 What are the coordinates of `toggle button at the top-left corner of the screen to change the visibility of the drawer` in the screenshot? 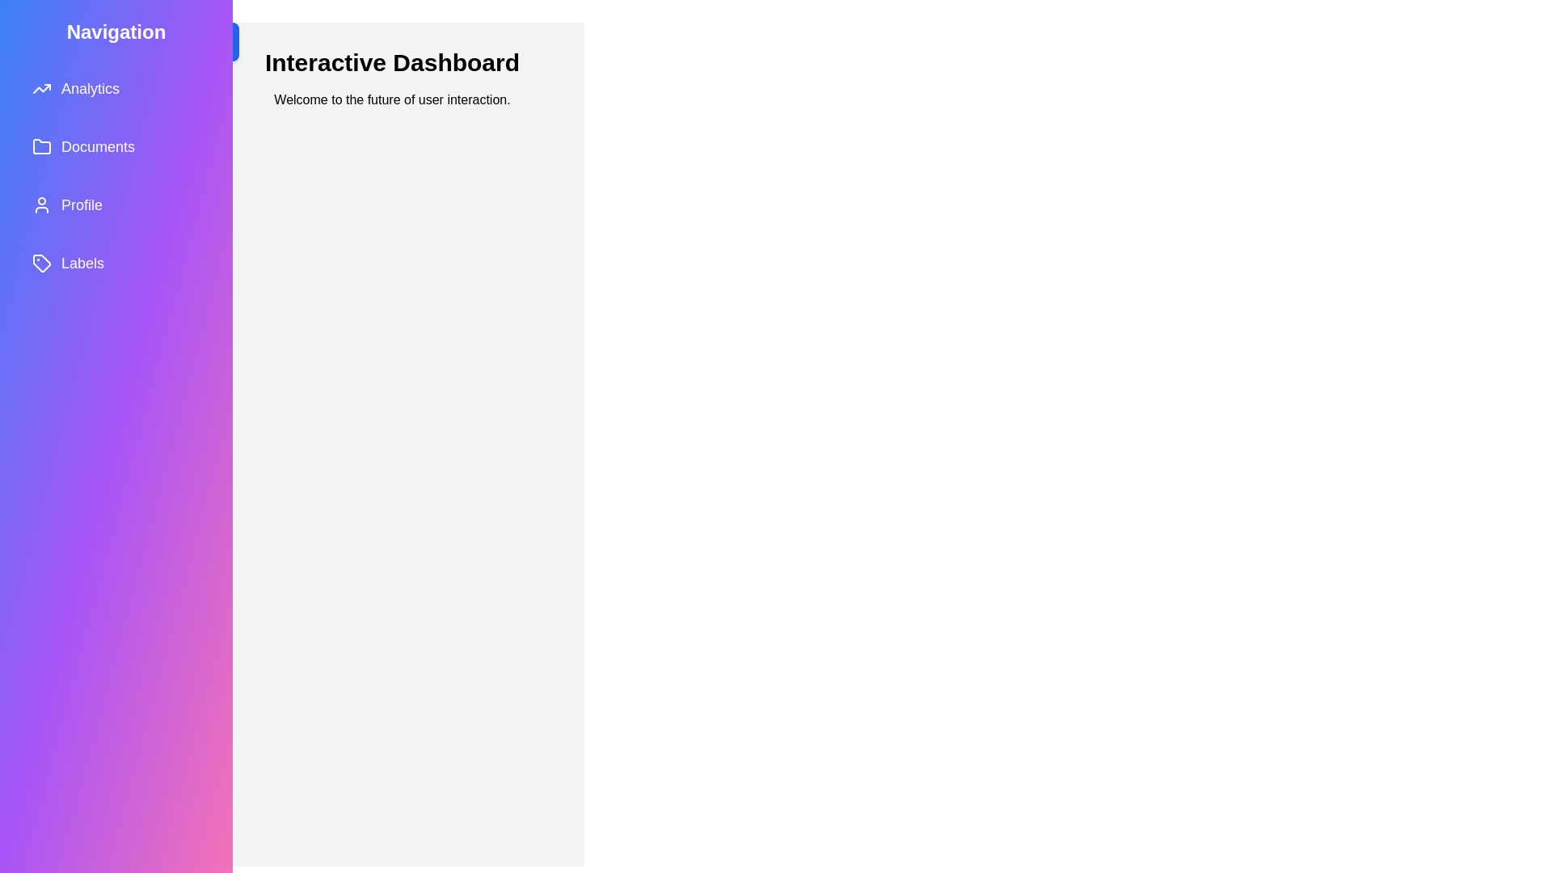 It's located at (219, 40).